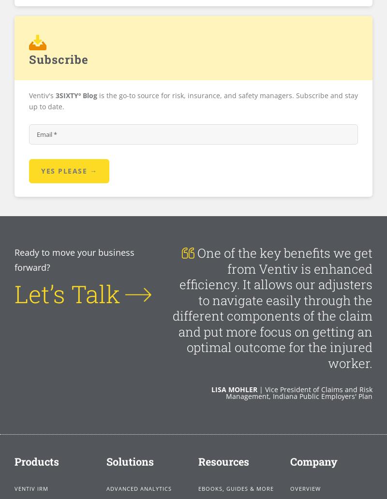  What do you see at coordinates (270, 292) in the screenshot?
I see `'Working with an experienced provider like Ventiv Technology is an important precondition of achieving our goals and furthering the mission of the County of Los Angeles.'` at bounding box center [270, 292].